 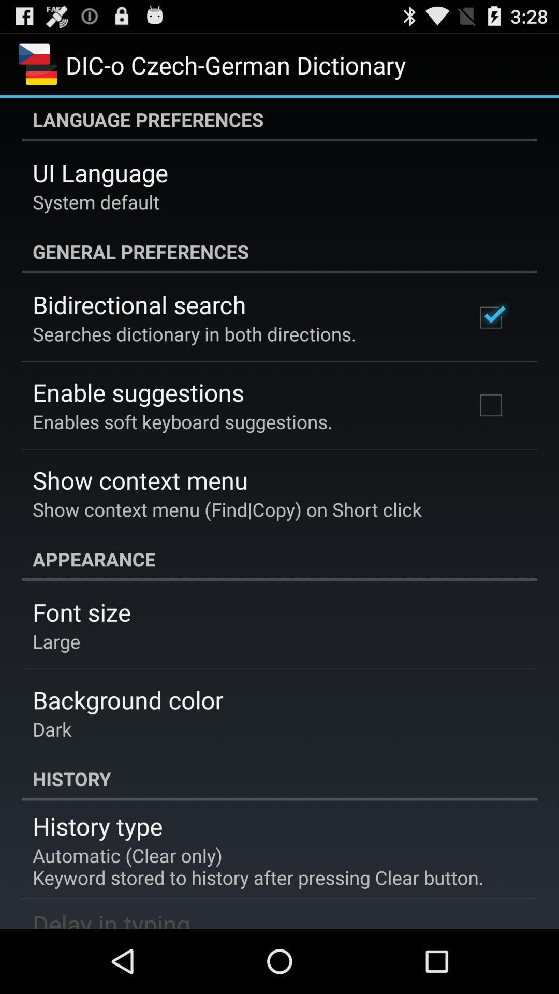 What do you see at coordinates (97, 825) in the screenshot?
I see `history type app` at bounding box center [97, 825].